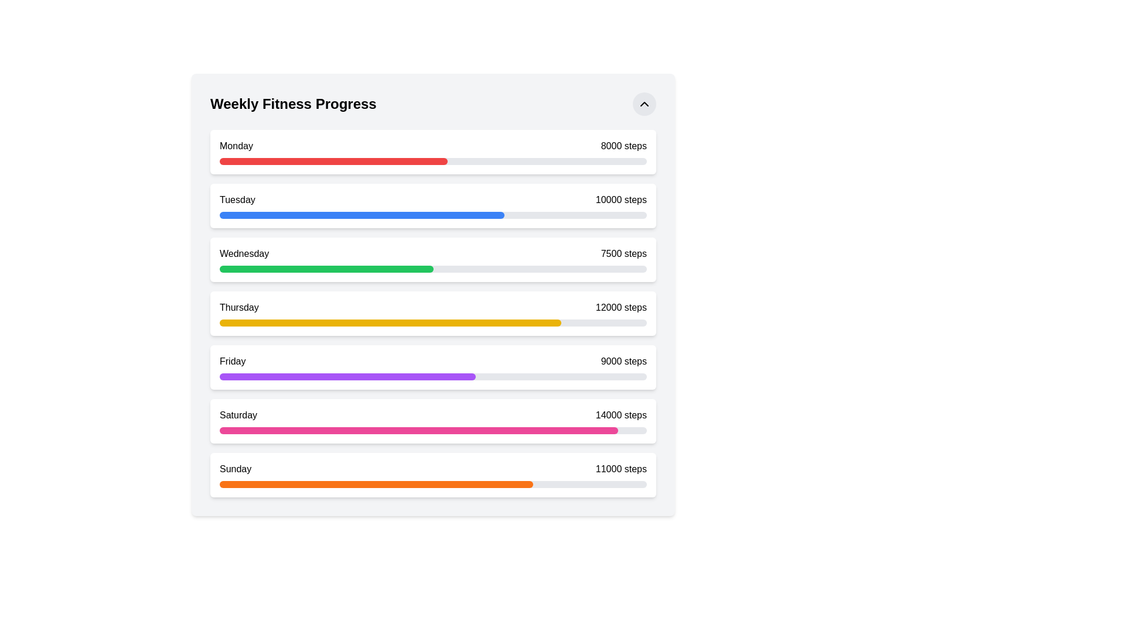  I want to click on the second progress bar located below the 'Monday' progress bar and above the 'Wednesday' progress bar, which visually represents progress and completion percentage for the corresponding day, so click(362, 215).